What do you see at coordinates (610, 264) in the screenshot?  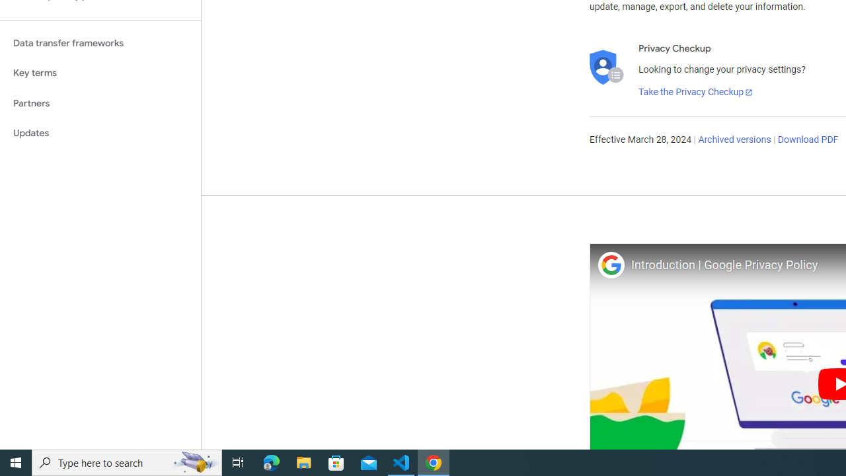 I see `'Photo image of Google'` at bounding box center [610, 264].